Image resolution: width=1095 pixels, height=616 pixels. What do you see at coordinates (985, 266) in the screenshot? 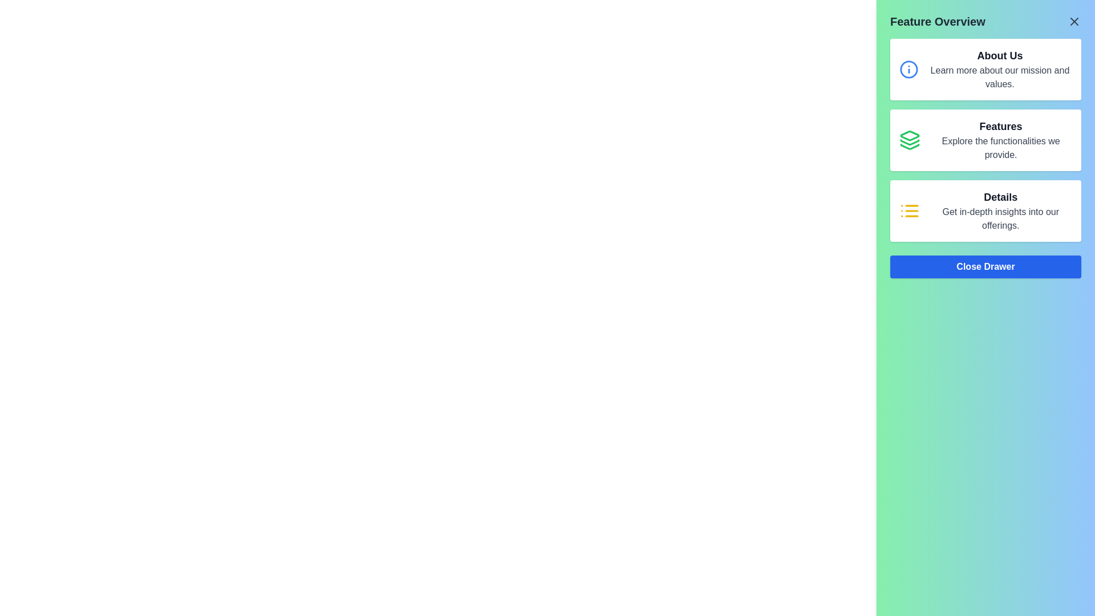
I see `the rectangular blue button labeled 'Close Drawer'` at bounding box center [985, 266].